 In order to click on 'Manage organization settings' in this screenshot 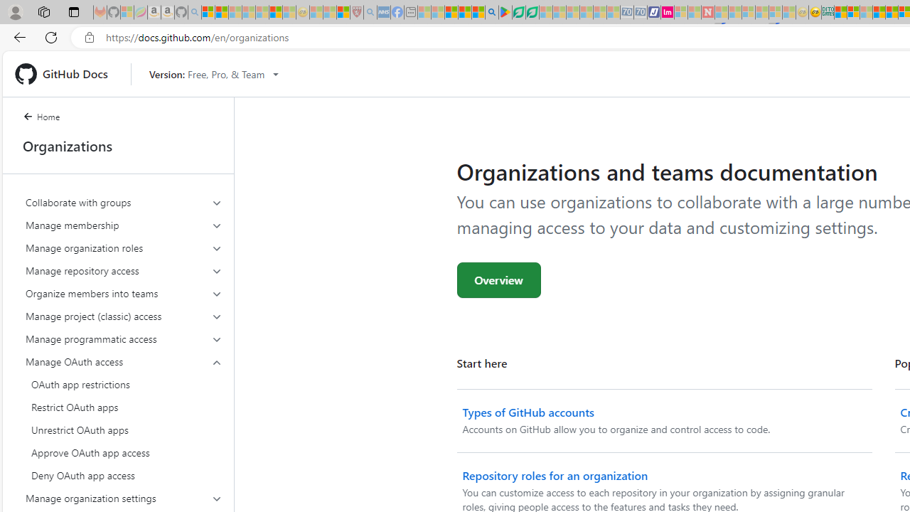, I will do `click(124, 497)`.